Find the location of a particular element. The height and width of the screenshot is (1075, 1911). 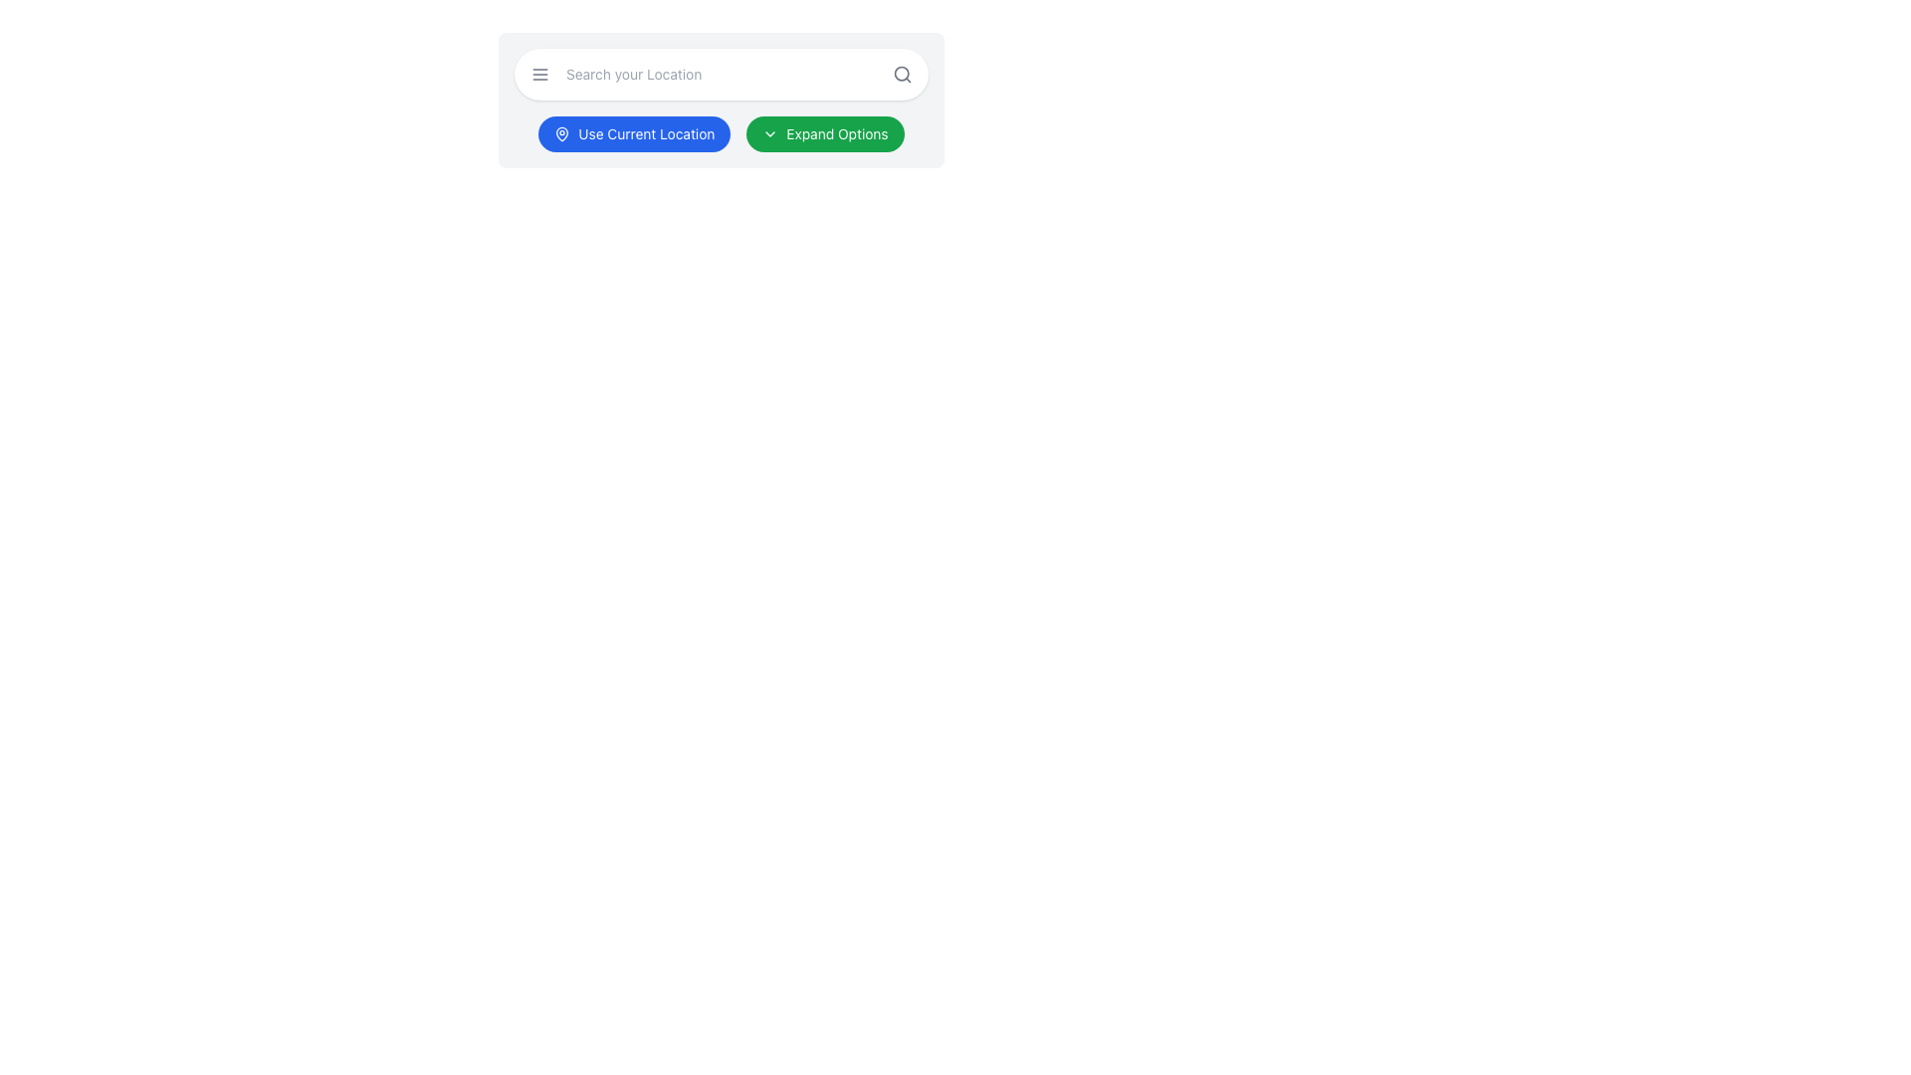

the map pin icon, which is part of the 'Use Current Location' button, located towards the left side of the button is located at coordinates (561, 134).